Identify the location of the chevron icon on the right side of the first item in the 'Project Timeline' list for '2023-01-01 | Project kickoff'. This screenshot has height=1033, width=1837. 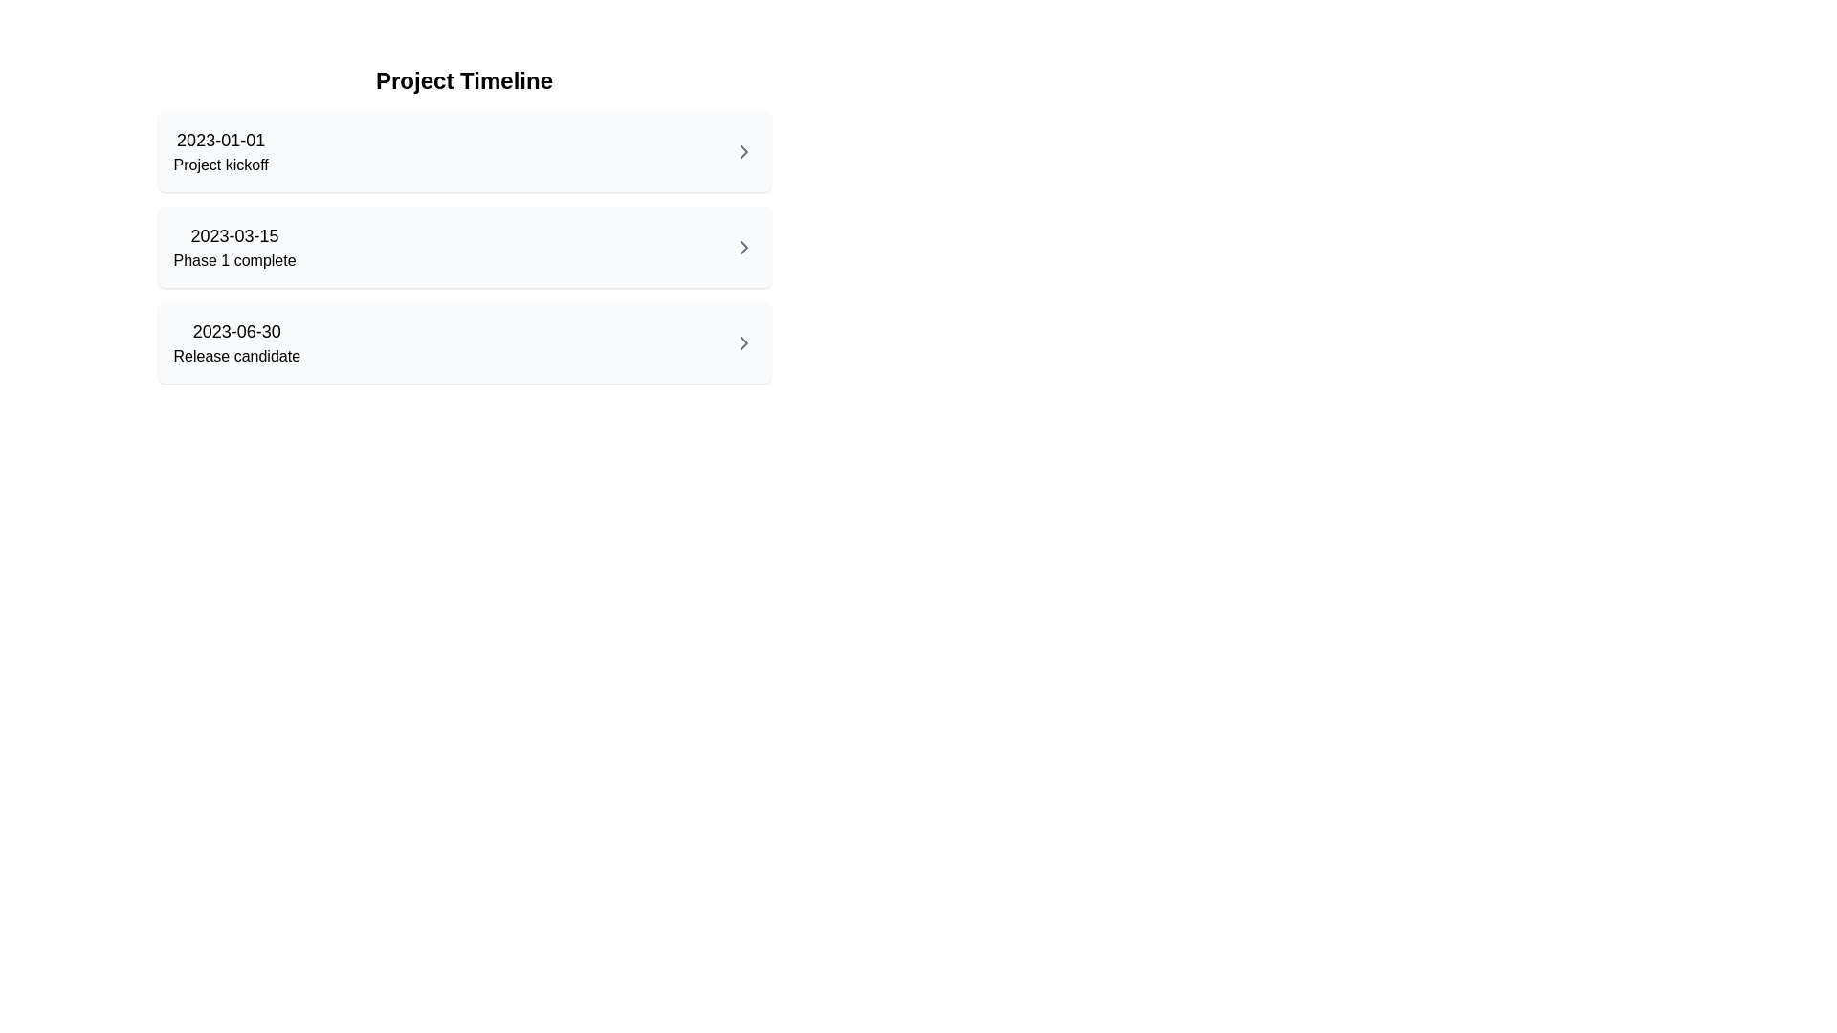
(742, 150).